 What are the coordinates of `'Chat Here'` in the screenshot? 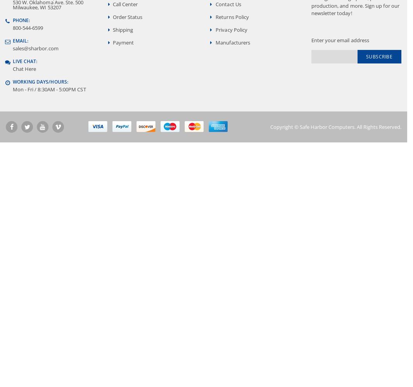 It's located at (24, 68).